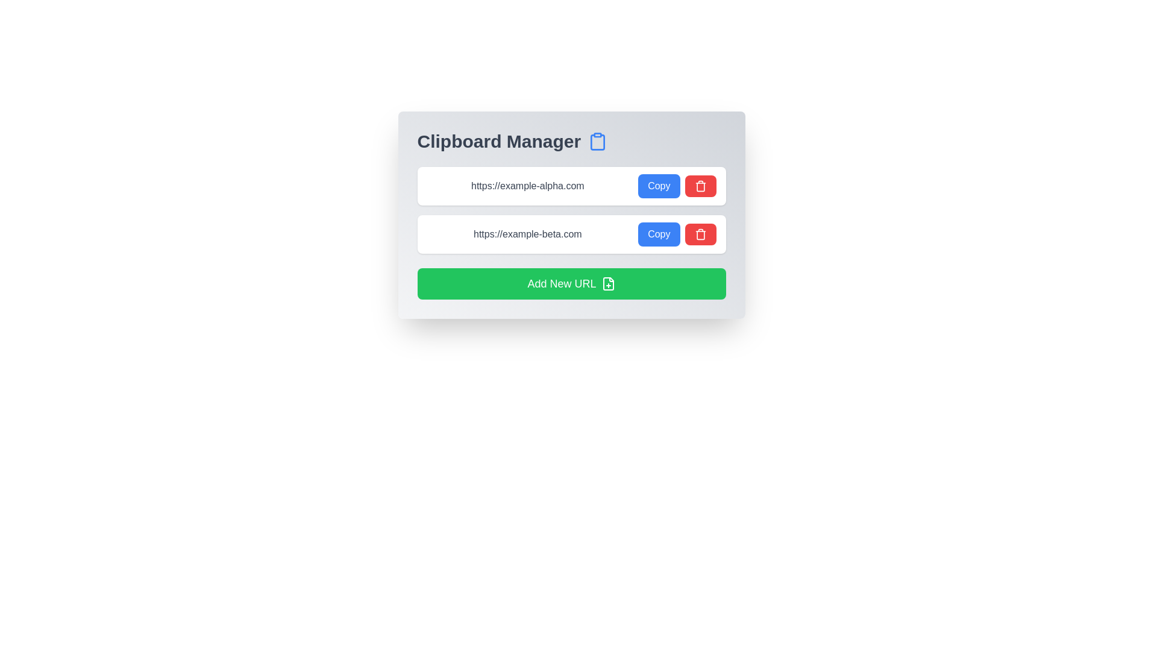 This screenshot has height=651, width=1157. I want to click on the text label displaying the URL 'https://example-beta.com' located in the second row of the clipboard manager interface, to the left of the 'Copy' and delete buttons, so click(527, 234).